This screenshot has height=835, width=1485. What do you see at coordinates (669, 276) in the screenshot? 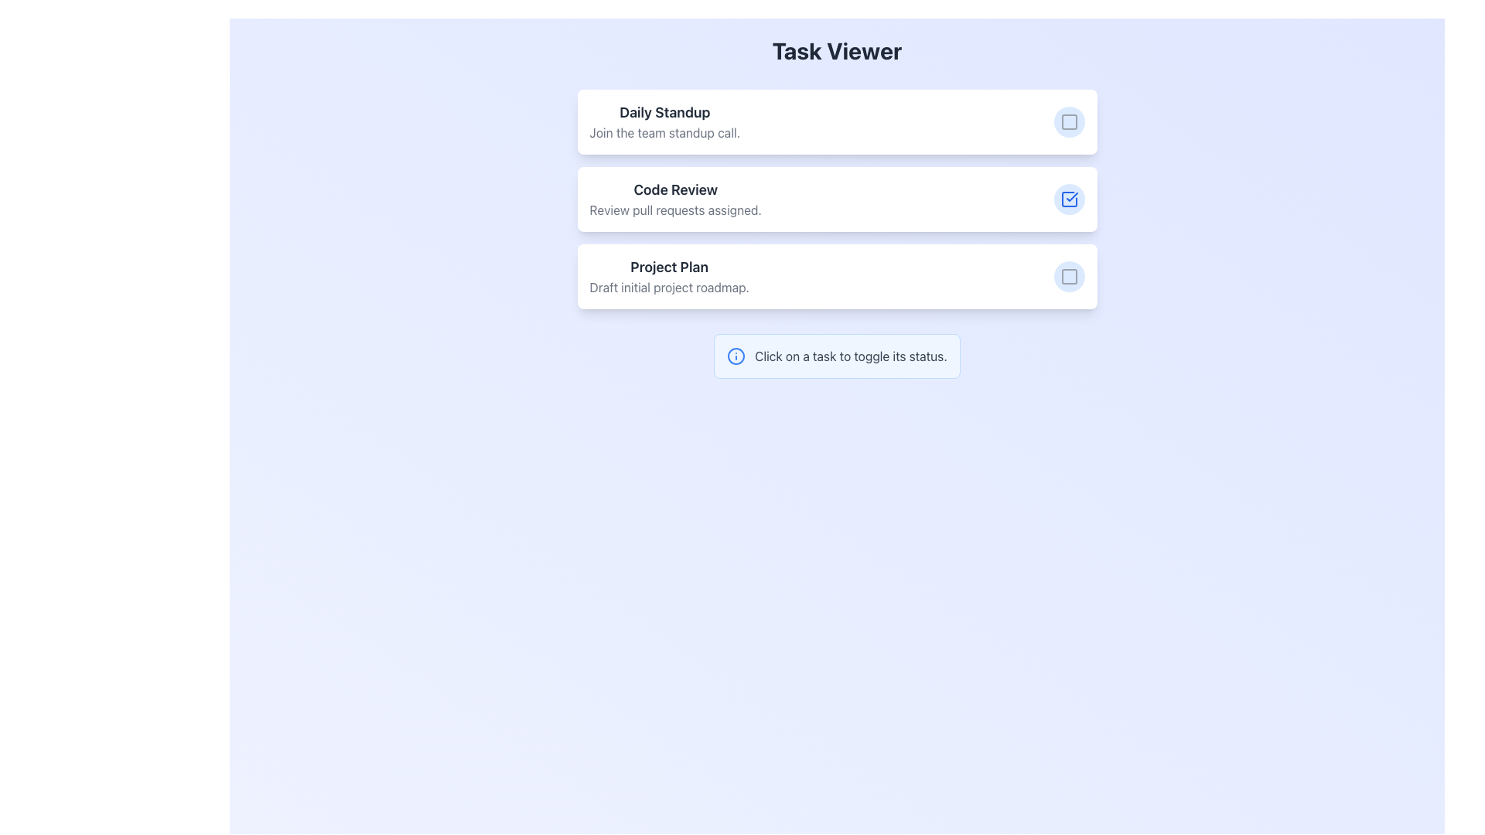
I see `the text block displaying 'Project Plan' in bold and 'Draft initial project roadmap.' below it, located in the center column of the interface, within the third task section` at bounding box center [669, 276].